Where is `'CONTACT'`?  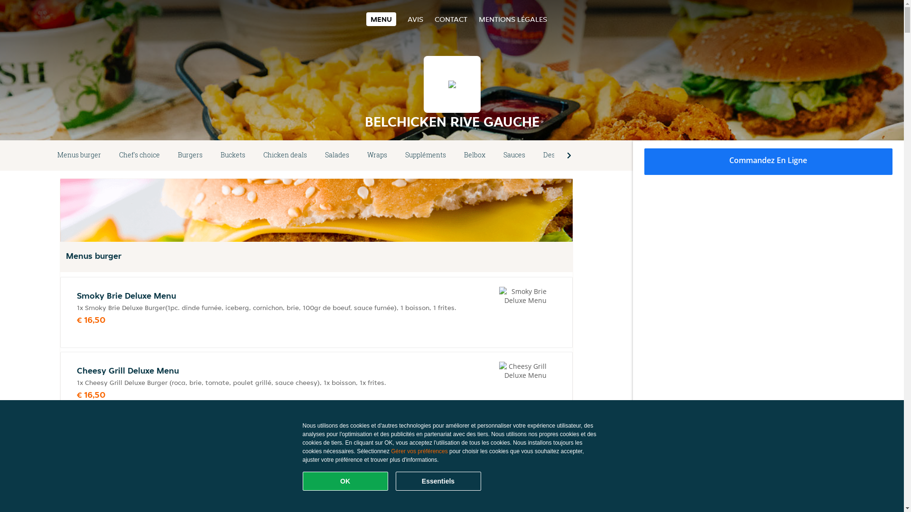
'CONTACT' is located at coordinates (450, 19).